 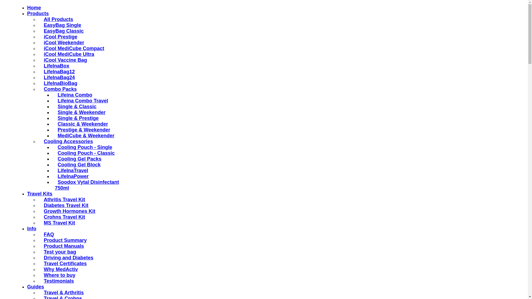 What do you see at coordinates (55, 185) in the screenshot?
I see `'Soodox Vytal Disinfectant 750ml'` at bounding box center [55, 185].